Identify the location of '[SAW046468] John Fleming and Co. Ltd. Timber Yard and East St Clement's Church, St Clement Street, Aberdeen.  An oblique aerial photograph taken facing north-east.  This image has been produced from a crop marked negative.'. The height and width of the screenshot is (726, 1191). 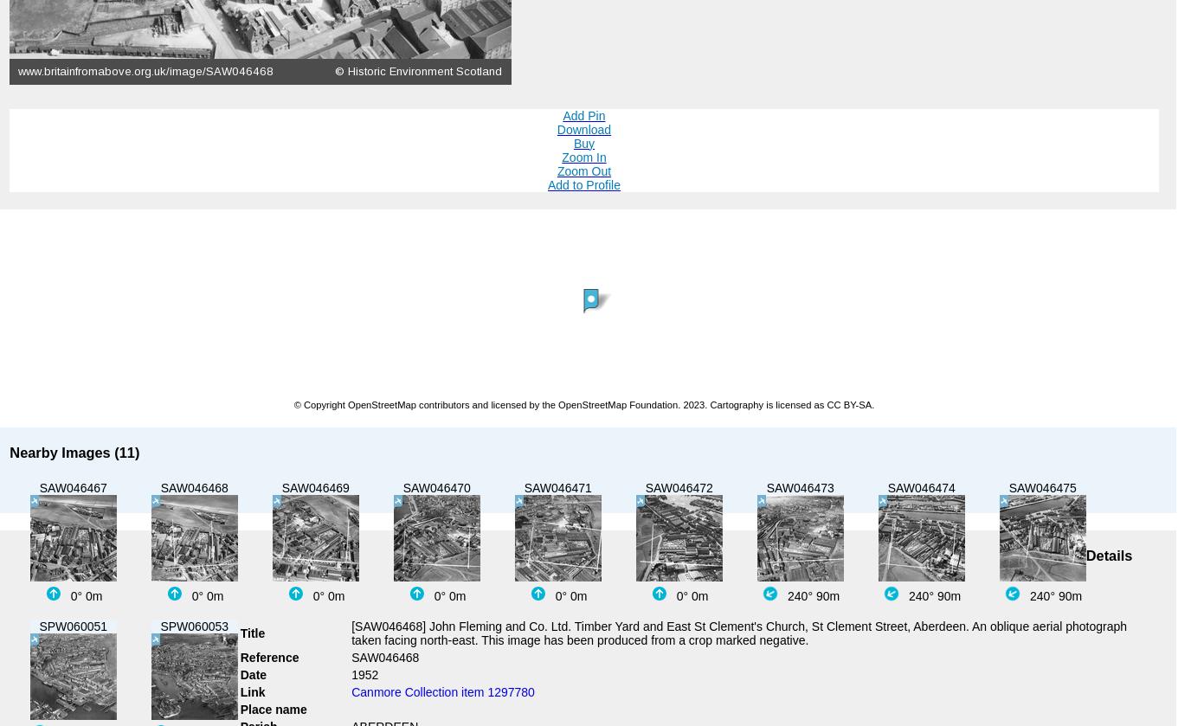
(351, 632).